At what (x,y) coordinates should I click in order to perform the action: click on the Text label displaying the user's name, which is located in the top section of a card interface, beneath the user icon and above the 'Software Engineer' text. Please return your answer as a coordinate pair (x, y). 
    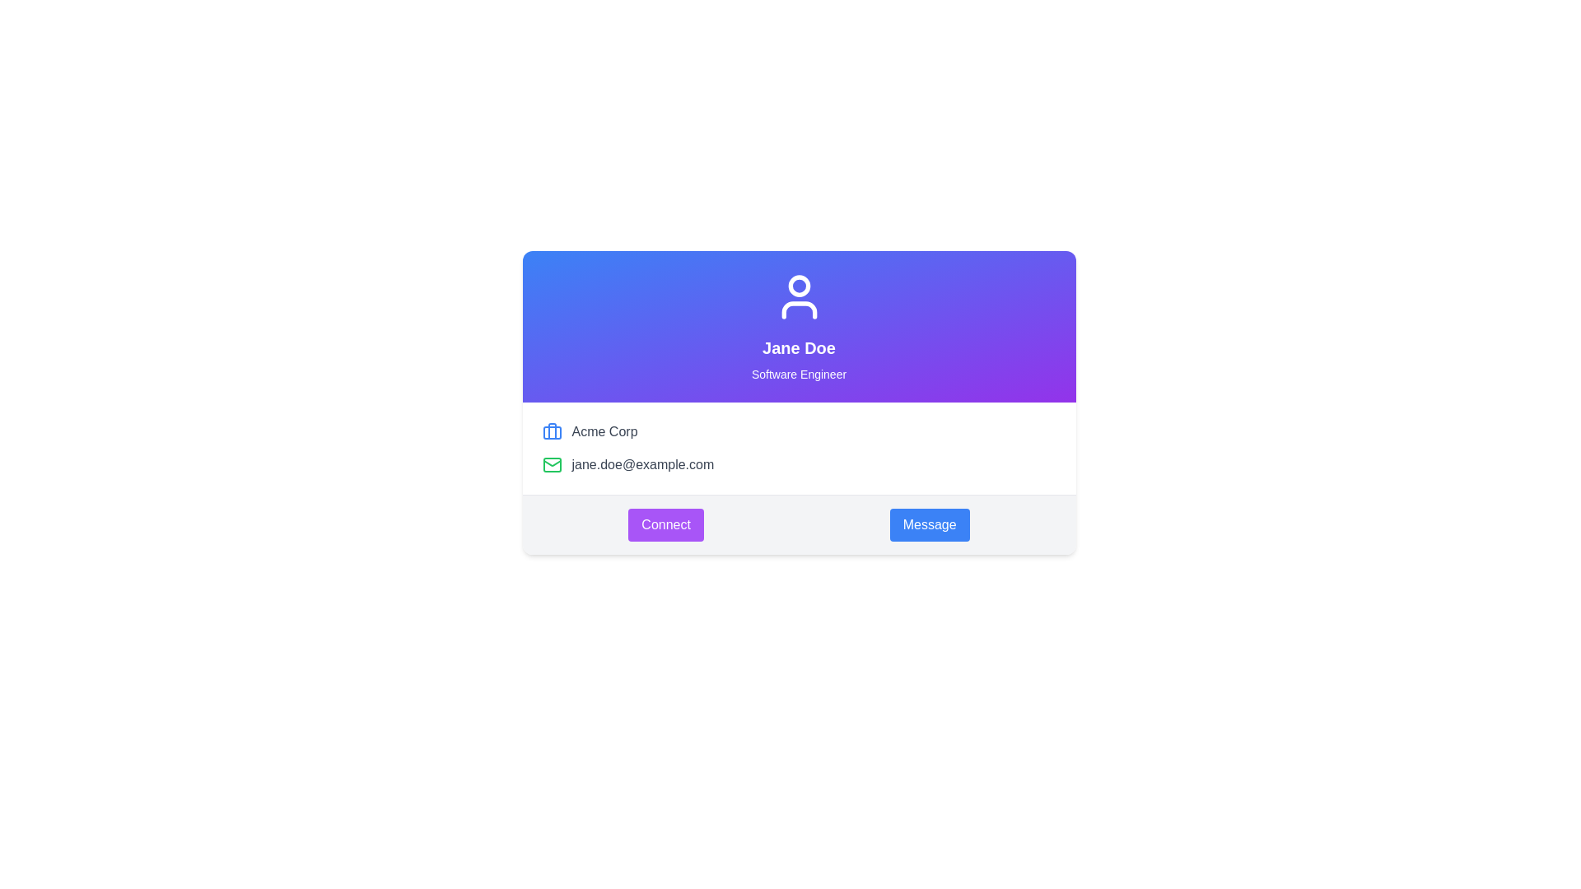
    Looking at the image, I should click on (799, 347).